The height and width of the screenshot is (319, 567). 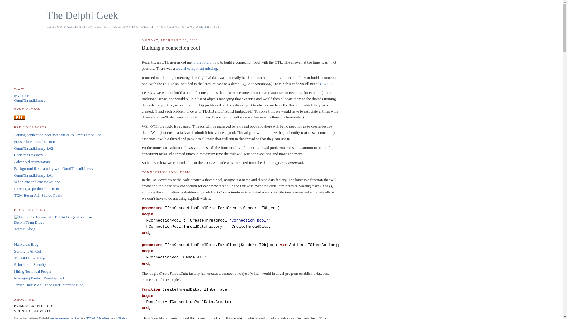 I want to click on 'When one and one makes one', so click(x=37, y=181).